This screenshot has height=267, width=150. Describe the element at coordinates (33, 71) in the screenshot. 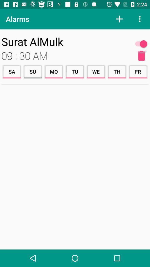

I see `the icon below 09 : 30 am` at that location.